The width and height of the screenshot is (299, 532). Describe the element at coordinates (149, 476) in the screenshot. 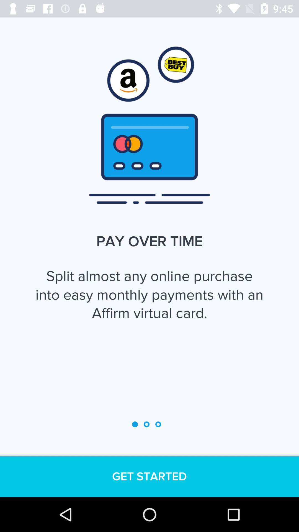

I see `get started item` at that location.